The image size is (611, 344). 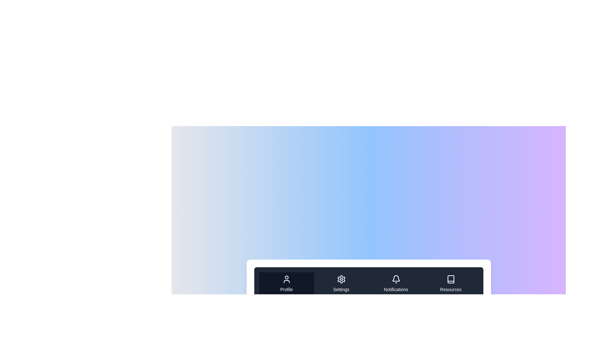 What do you see at coordinates (286, 283) in the screenshot?
I see `the tab labeled Profile to highlight it` at bounding box center [286, 283].